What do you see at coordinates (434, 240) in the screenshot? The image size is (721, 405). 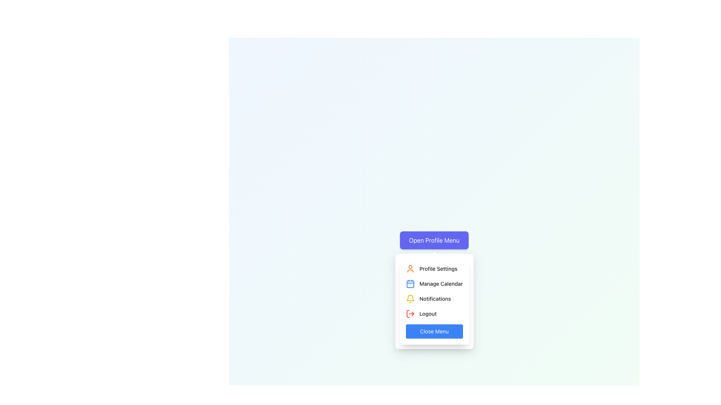 I see `the rectangular button with a blue background and white text 'Open Profile Menu' to trigger its hover effects` at bounding box center [434, 240].